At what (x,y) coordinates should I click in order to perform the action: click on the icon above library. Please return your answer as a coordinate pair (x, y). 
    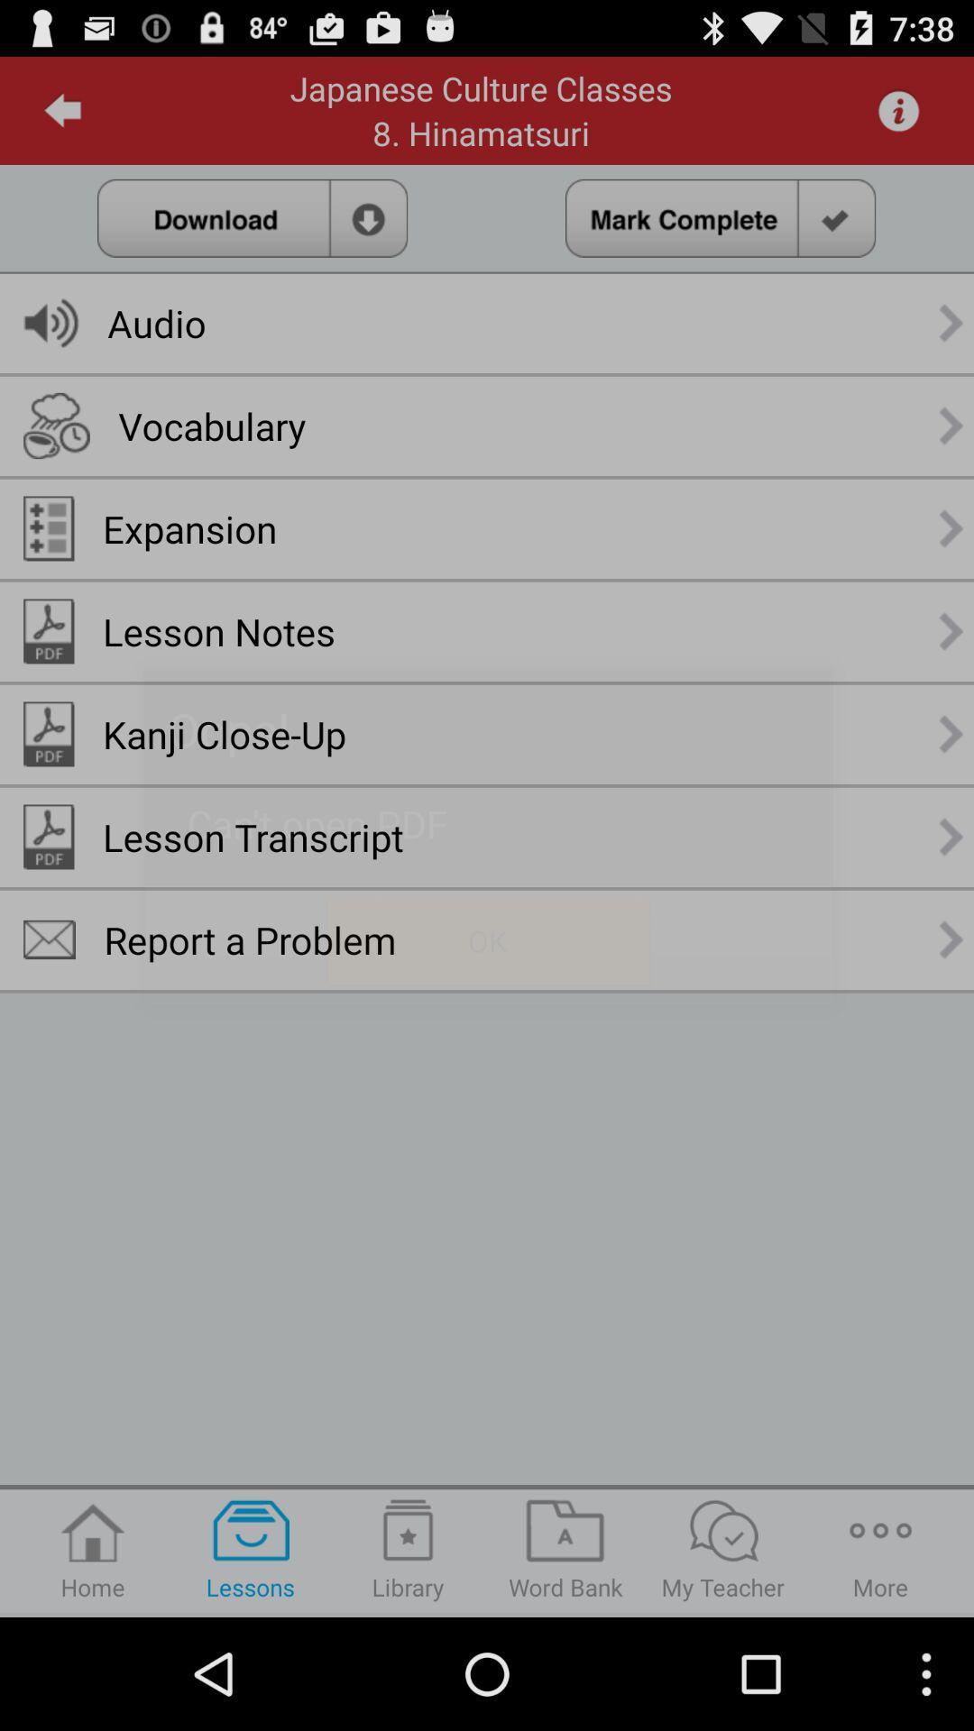
    Looking at the image, I should click on (408, 1530).